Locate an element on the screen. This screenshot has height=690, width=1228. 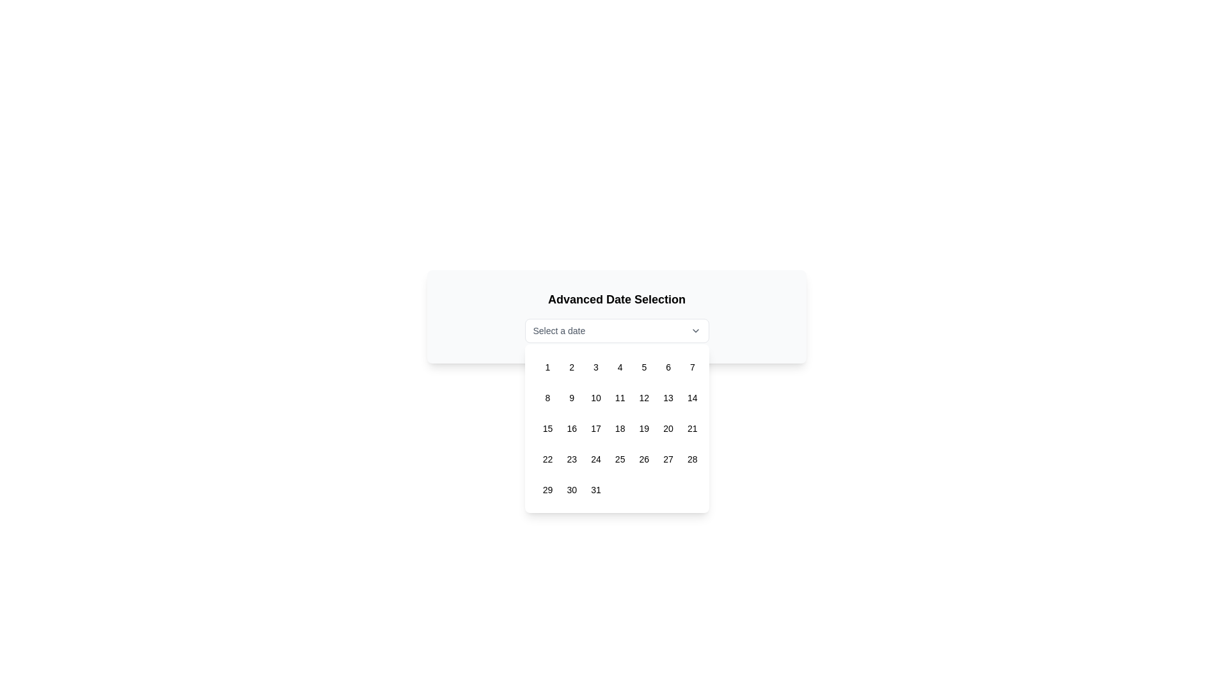
the button labeled '30' is located at coordinates (571, 489).